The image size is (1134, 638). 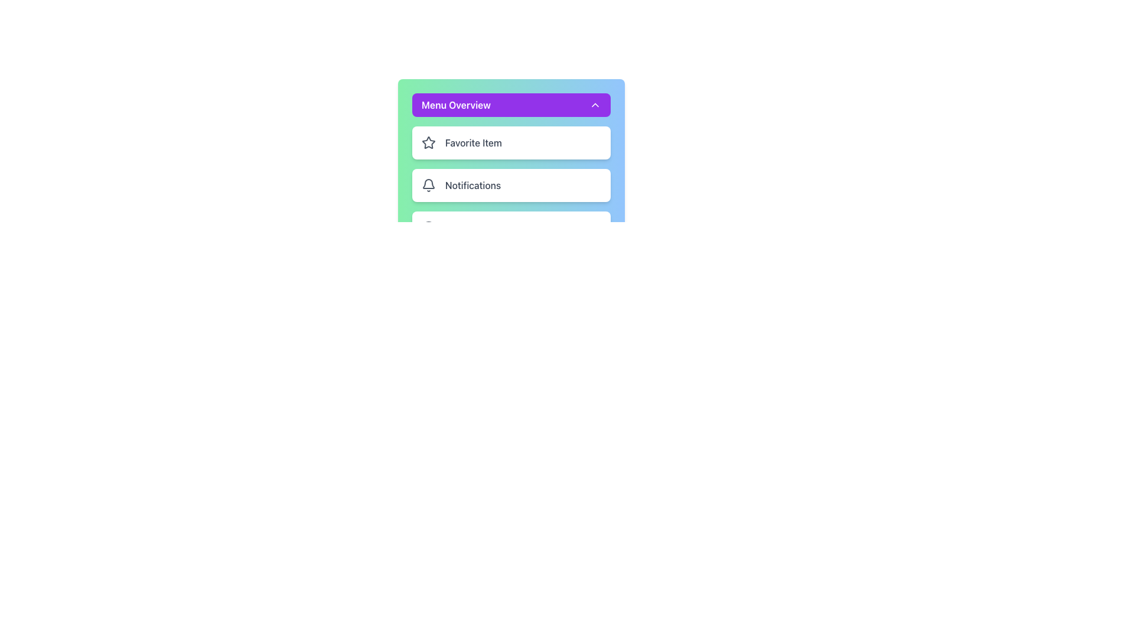 What do you see at coordinates (511, 168) in the screenshot?
I see `the second list item representing notifications, located between 'Favorite Item' and 'Status'` at bounding box center [511, 168].